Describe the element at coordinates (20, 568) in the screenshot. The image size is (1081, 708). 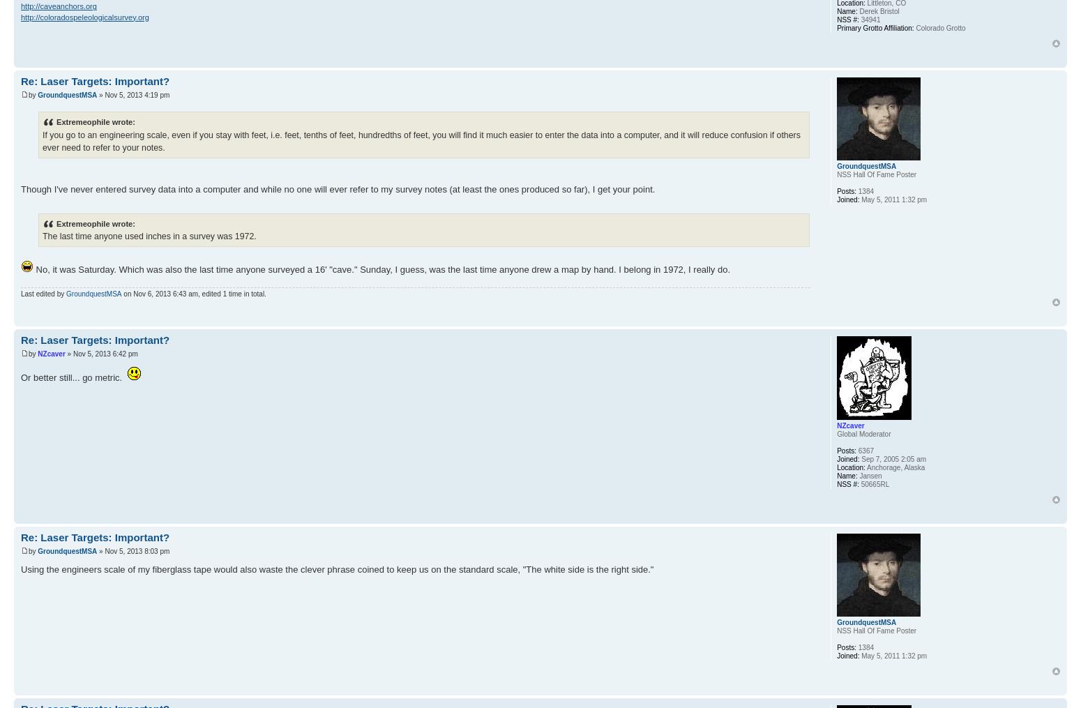
I see `'Using the engineers scale of my fiberglass tape would also waste the clever phrase coined to keep us on the standard scale, "The white side is the right side."'` at that location.